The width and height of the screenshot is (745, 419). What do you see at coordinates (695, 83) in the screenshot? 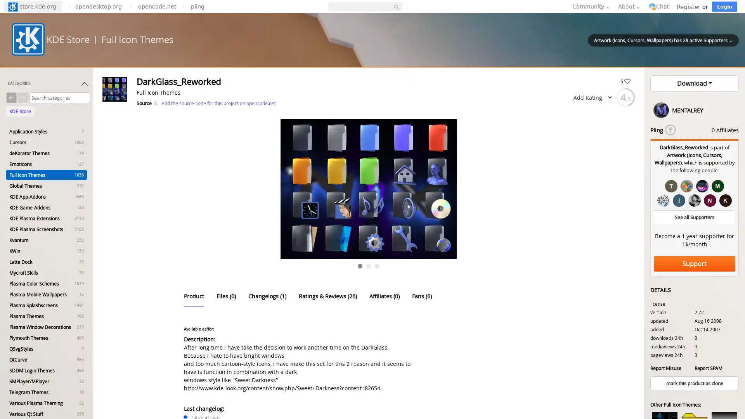
I see `Download` at bounding box center [695, 83].